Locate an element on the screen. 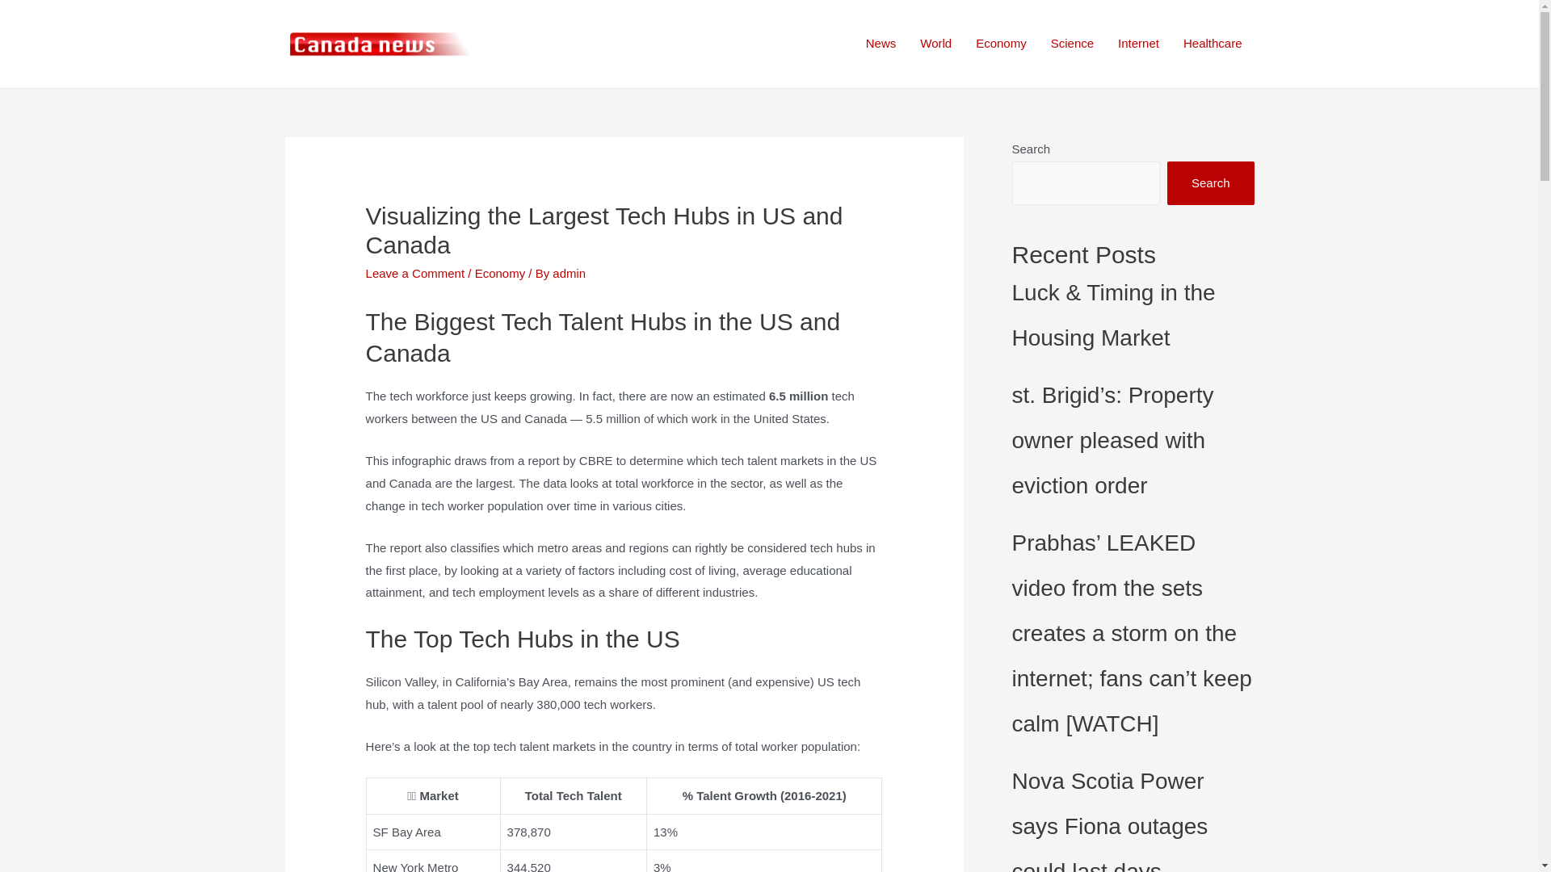  'Science' is located at coordinates (1072, 43).